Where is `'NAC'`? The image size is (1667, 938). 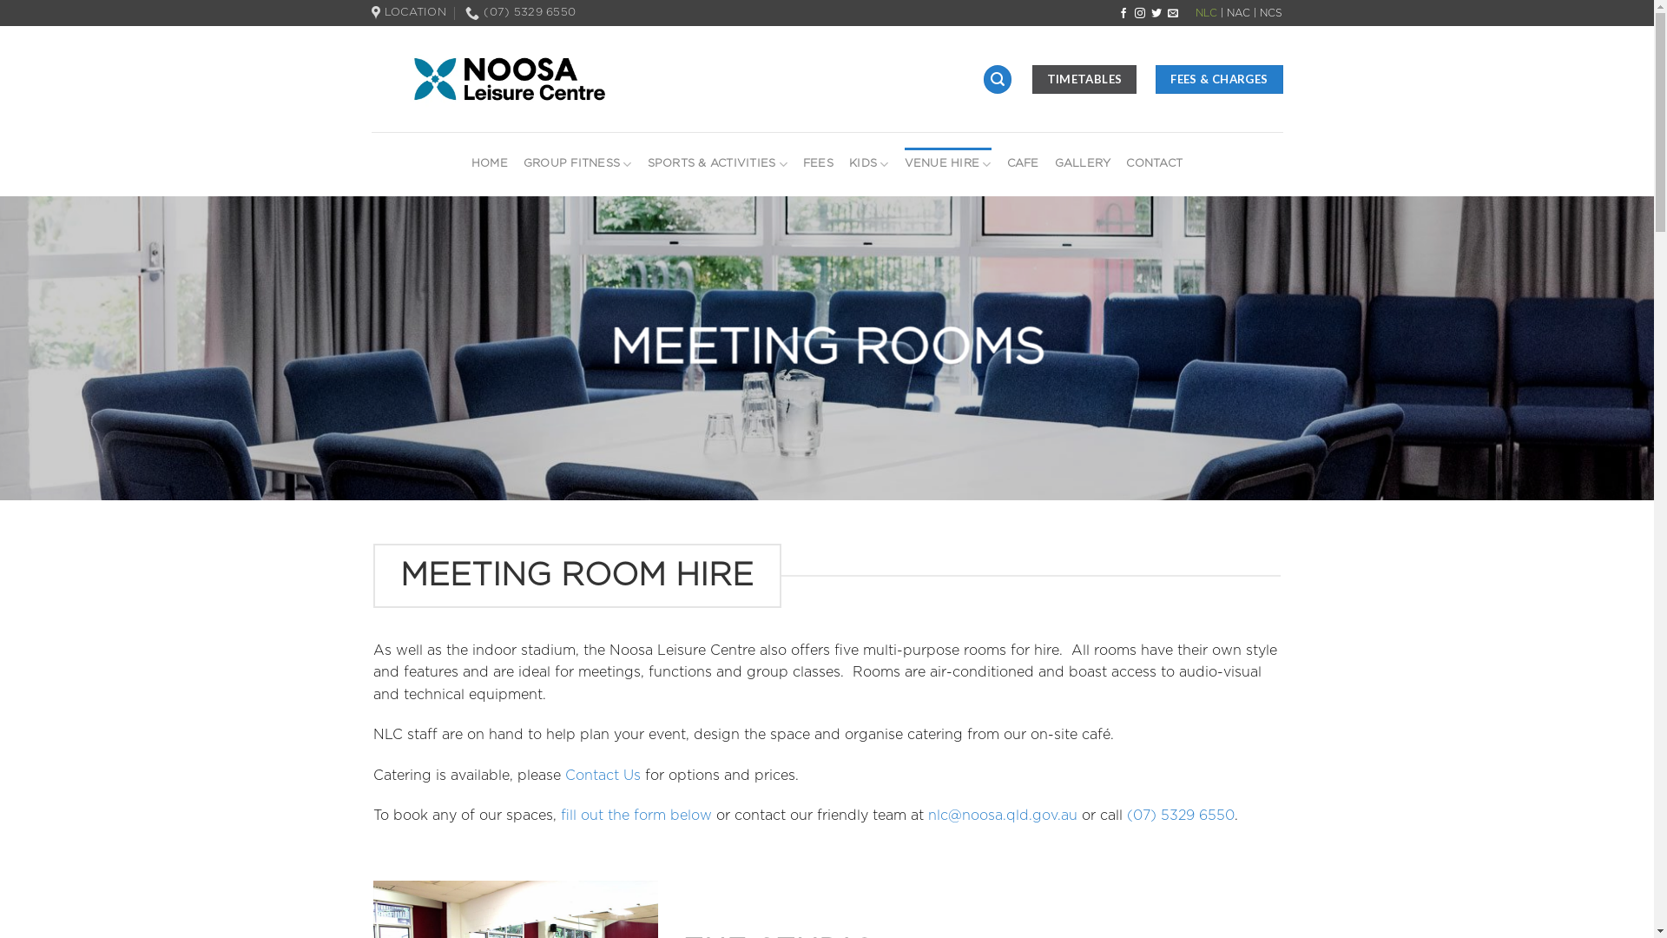
'NAC' is located at coordinates (1237, 13).